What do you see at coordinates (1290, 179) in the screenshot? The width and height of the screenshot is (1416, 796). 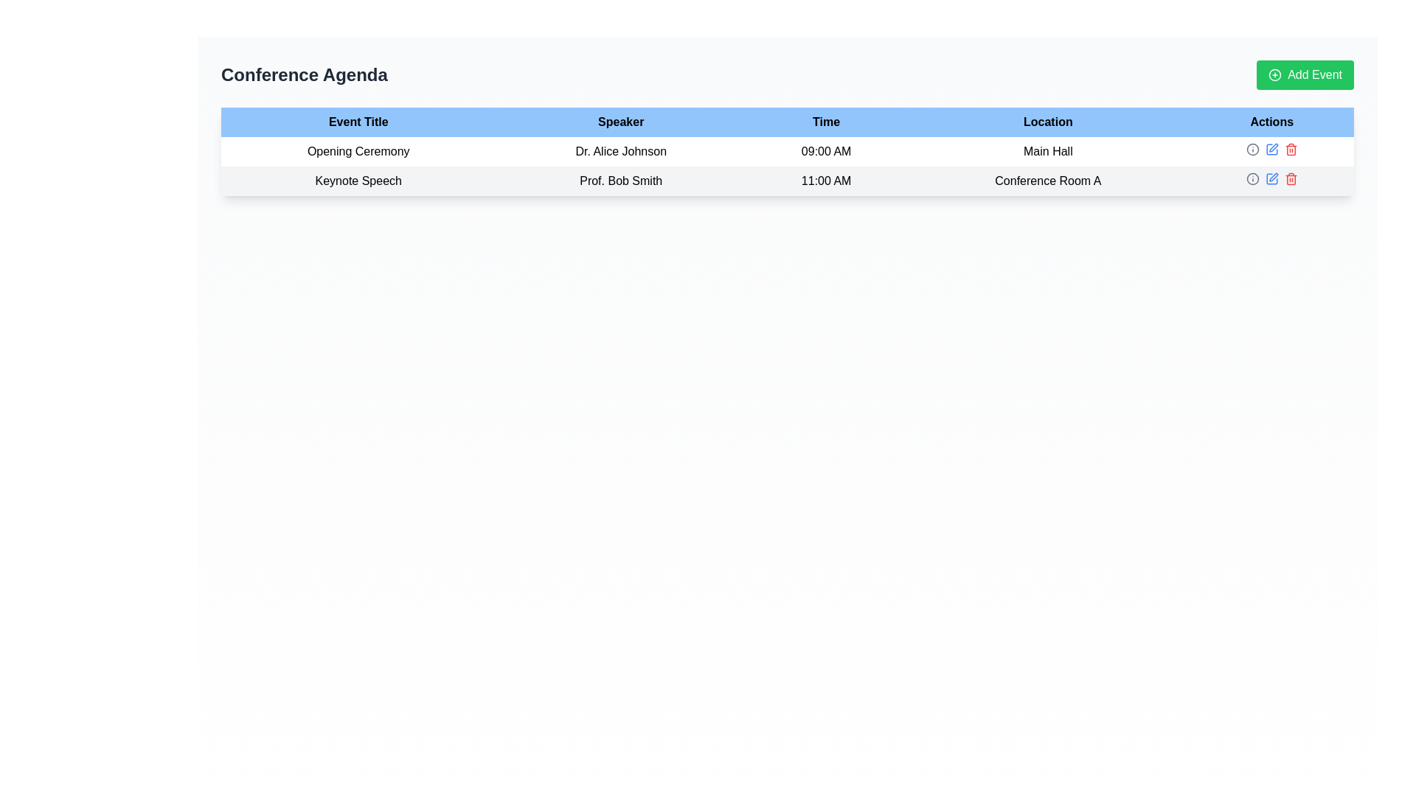 I see `the hollowed body of the trash can SVG icon located in the 'Actions' section of the second row of the events table` at bounding box center [1290, 179].